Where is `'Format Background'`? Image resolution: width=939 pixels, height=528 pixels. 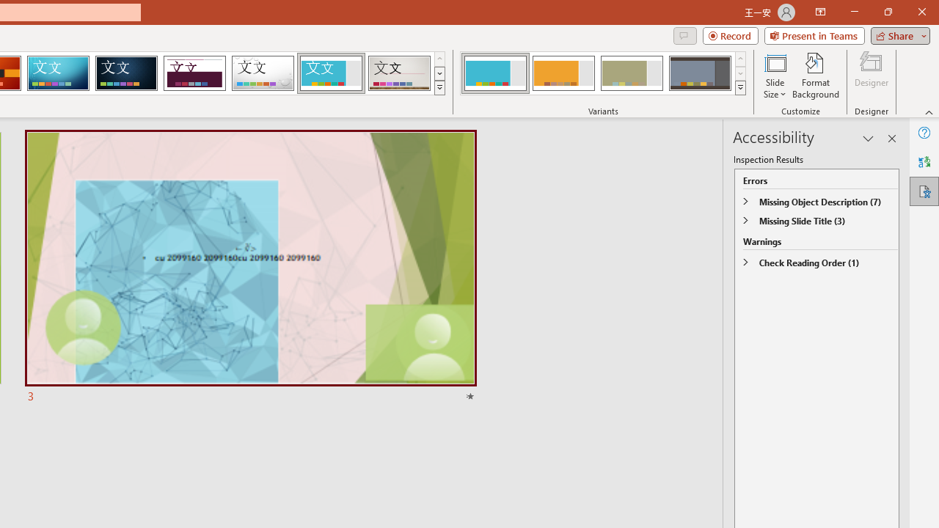 'Format Background' is located at coordinates (815, 76).